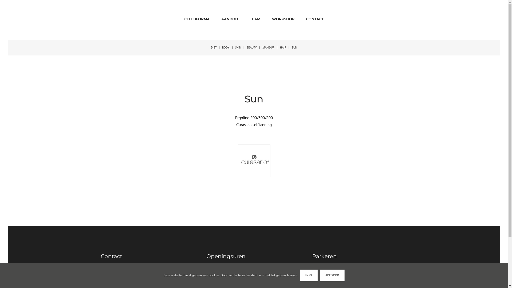  What do you see at coordinates (249, 17) in the screenshot?
I see `'TEAM'` at bounding box center [249, 17].